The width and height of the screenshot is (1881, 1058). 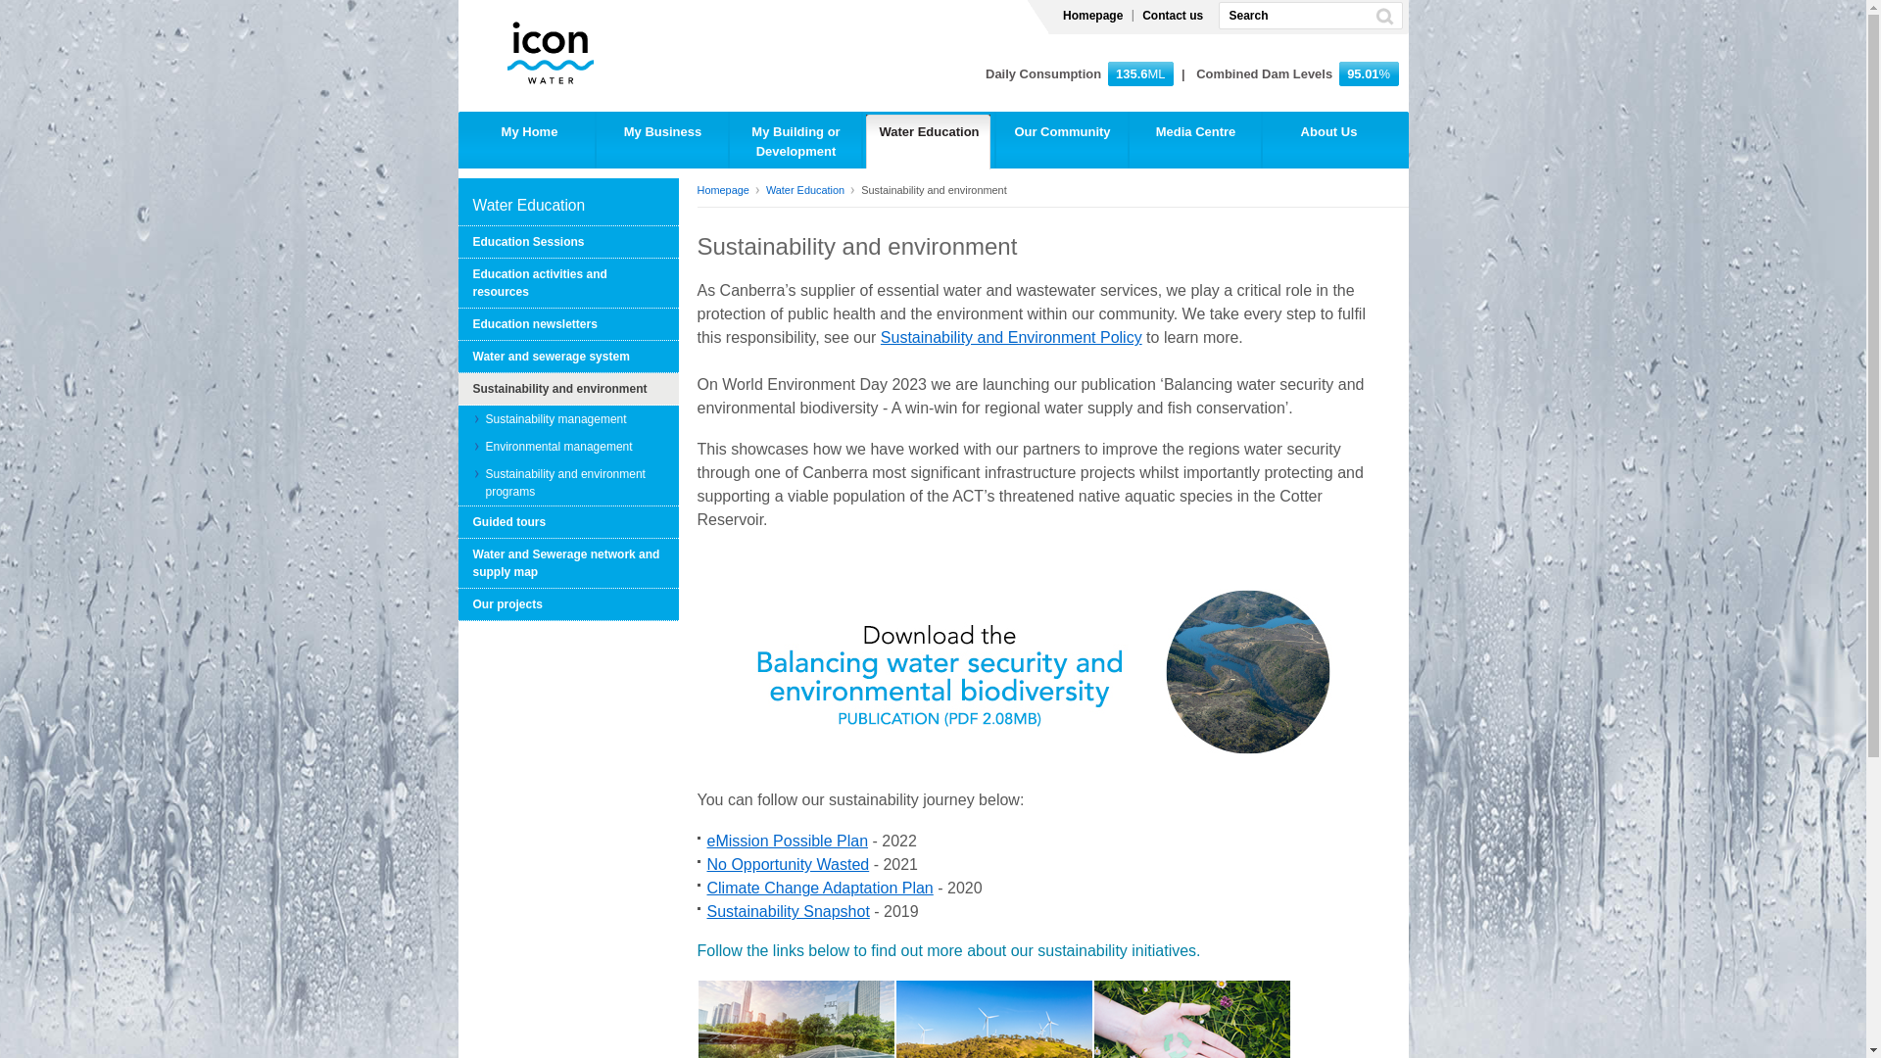 I want to click on 'Sustainability management', so click(x=567, y=418).